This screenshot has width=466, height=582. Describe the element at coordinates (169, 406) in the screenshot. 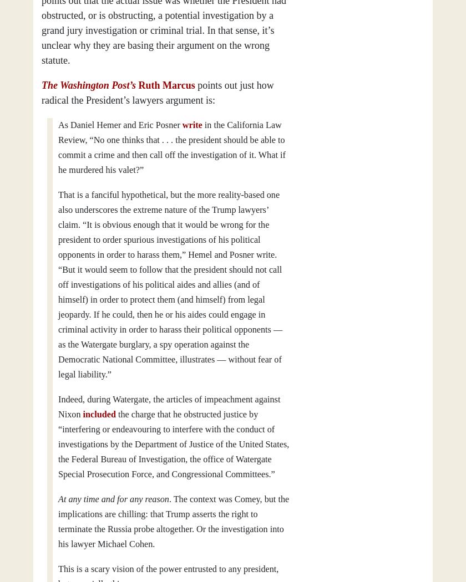

I see `'Indeed, during Watergate, the articles of impeachment against Nixon'` at that location.